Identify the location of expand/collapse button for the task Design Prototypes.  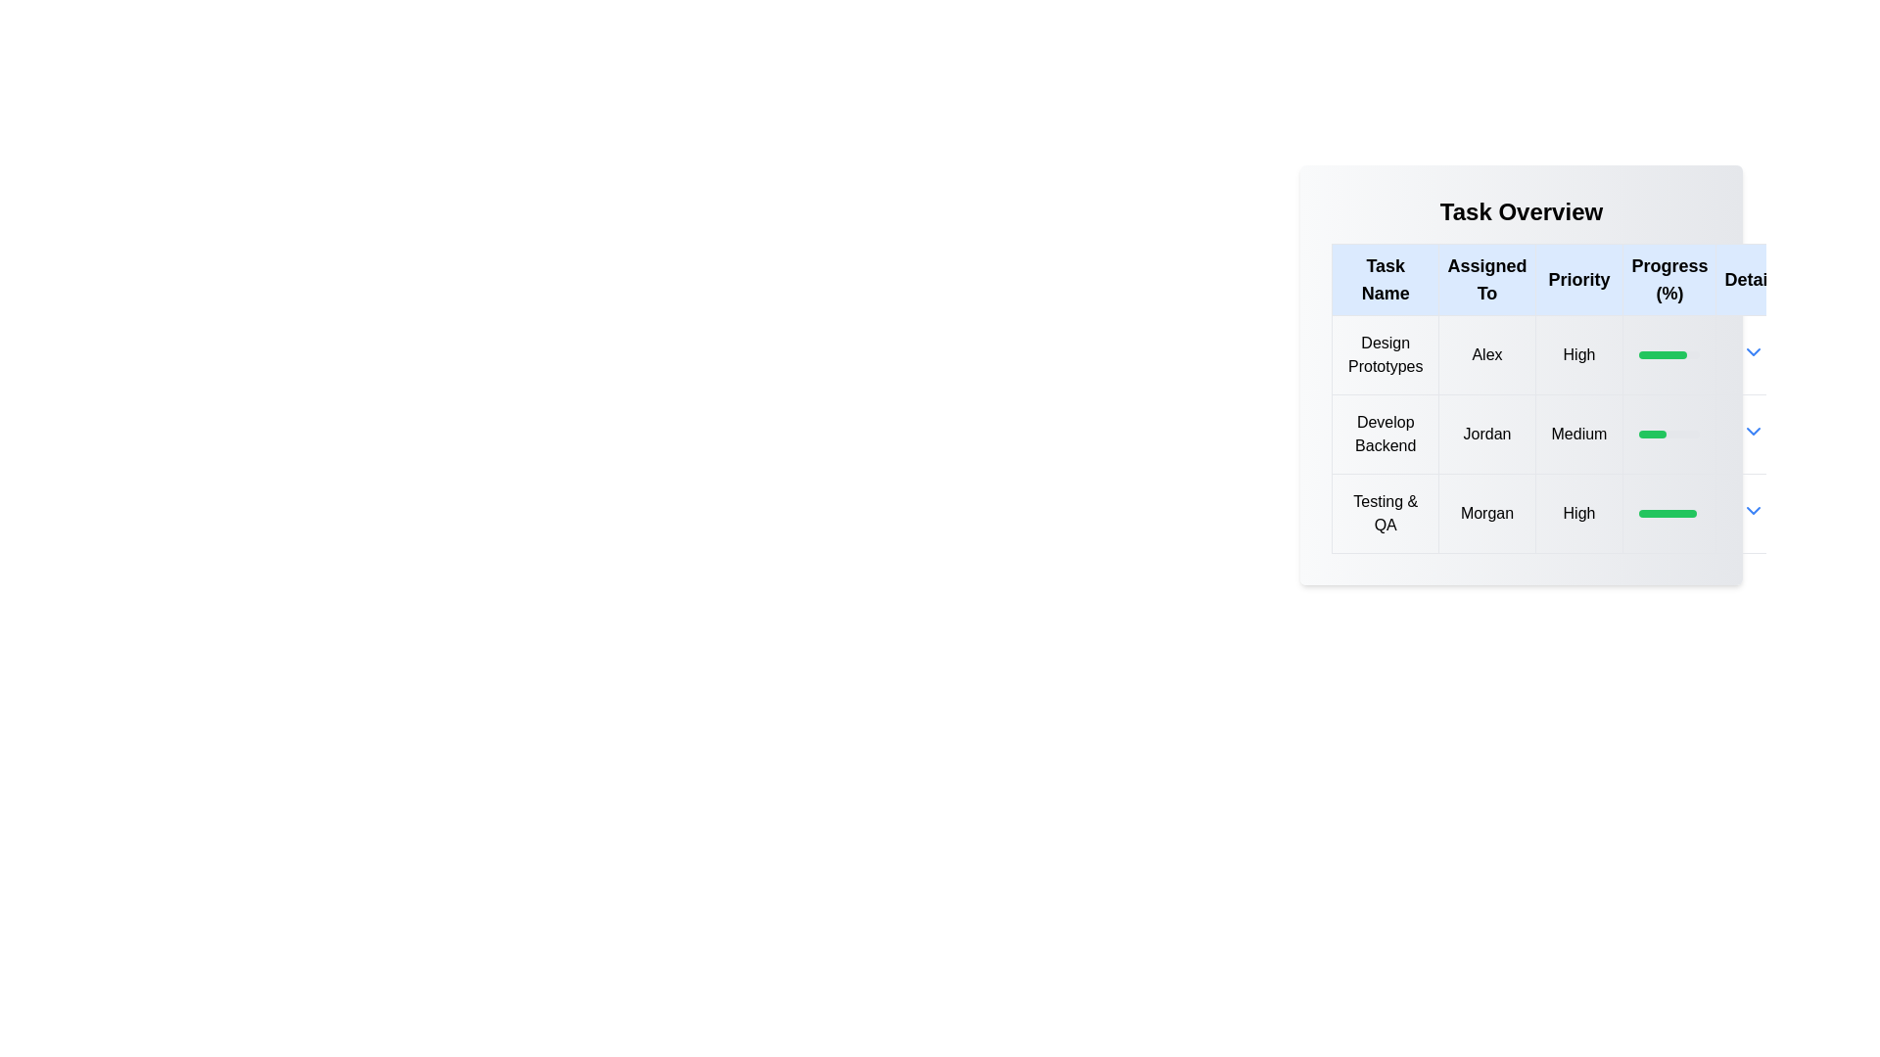
(1753, 350).